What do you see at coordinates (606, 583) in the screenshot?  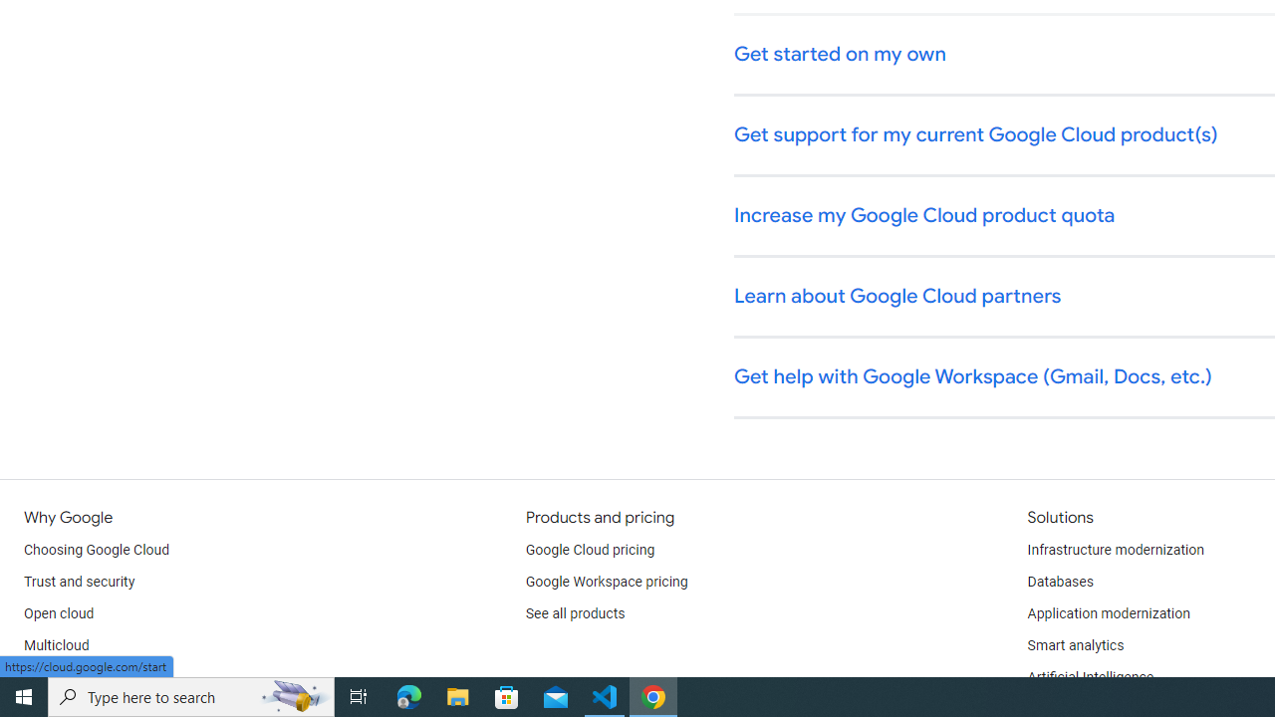 I see `'Google Workspace pricing'` at bounding box center [606, 583].